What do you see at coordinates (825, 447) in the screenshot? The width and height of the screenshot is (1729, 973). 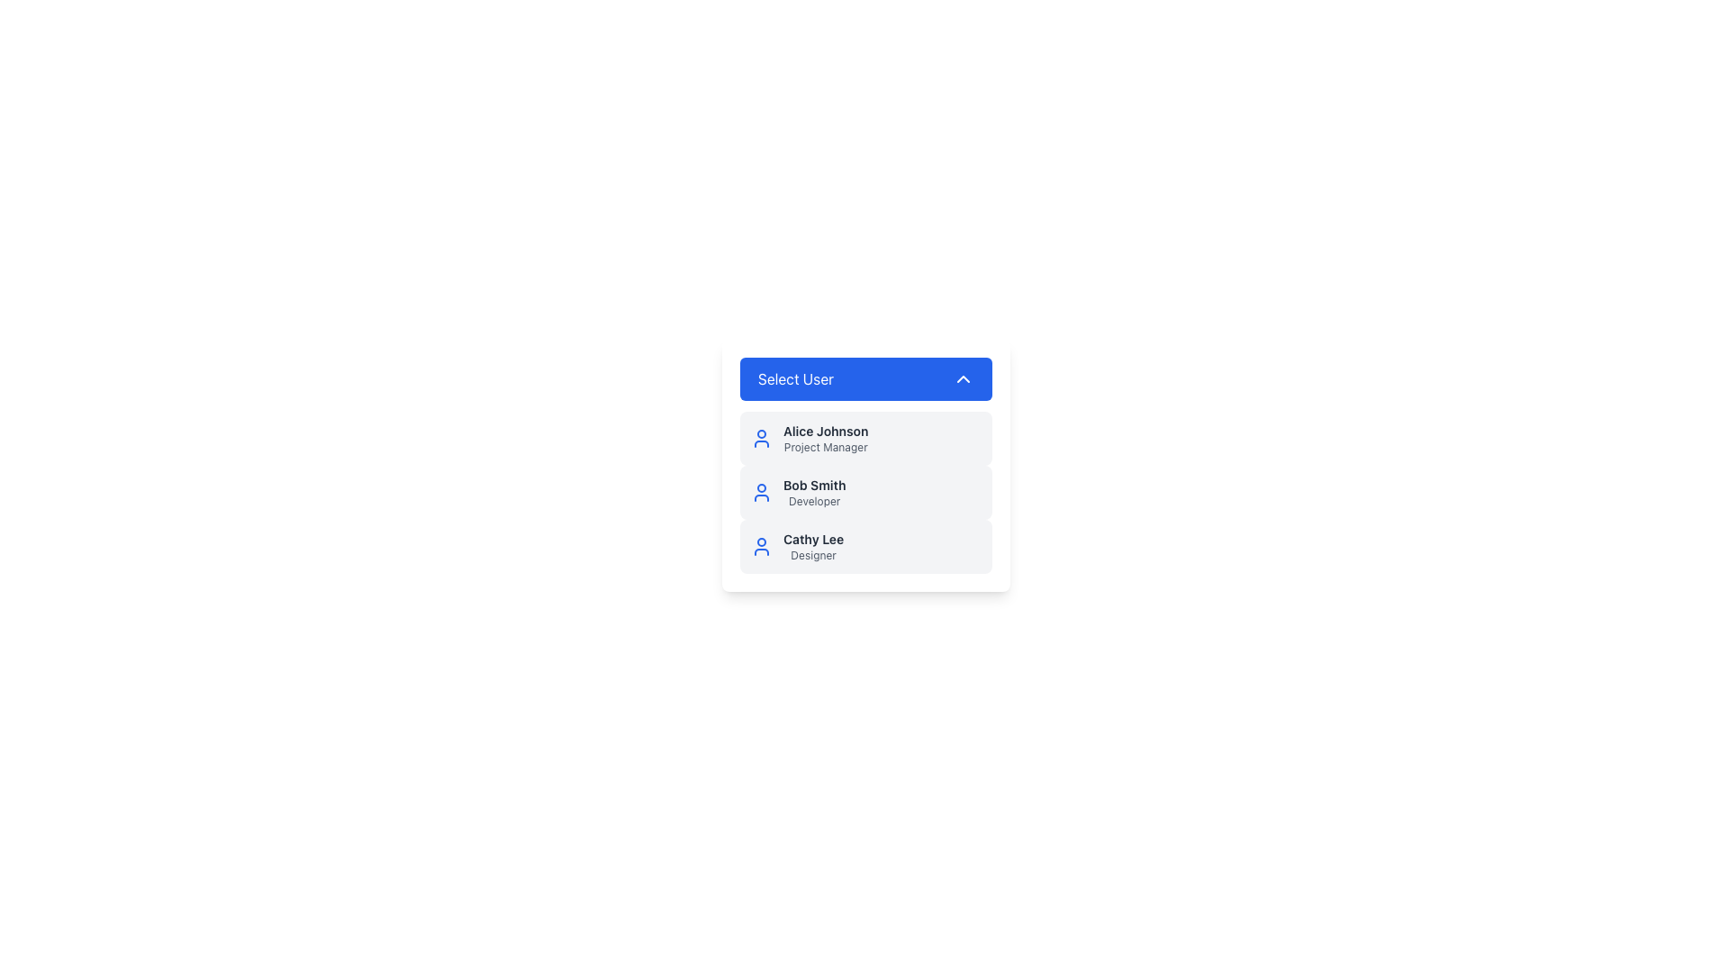 I see `the text label displaying the role 'Project Manager' located beneath the name 'Alice Johnson' in a dropdown menu` at bounding box center [825, 447].